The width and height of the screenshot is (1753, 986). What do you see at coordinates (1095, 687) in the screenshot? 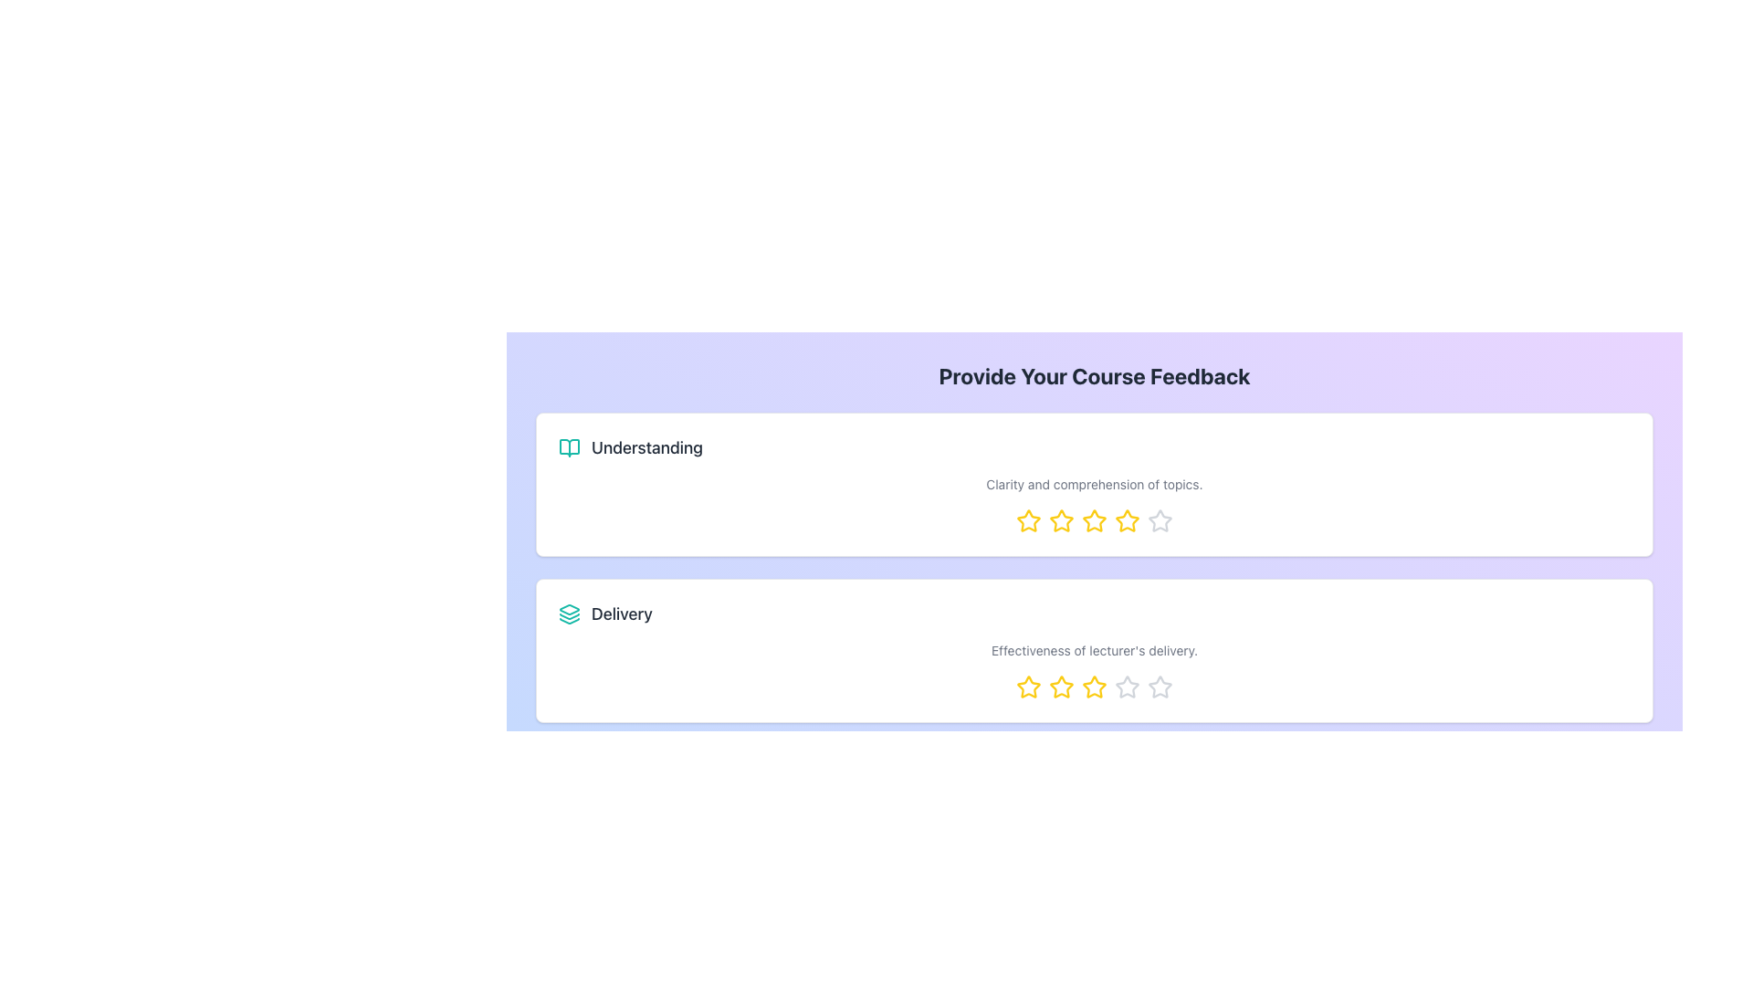
I see `the fourth star icon in the rating system under the 'Effectiveness of lecturer's delivery' section of the 'Delivery' card` at bounding box center [1095, 687].